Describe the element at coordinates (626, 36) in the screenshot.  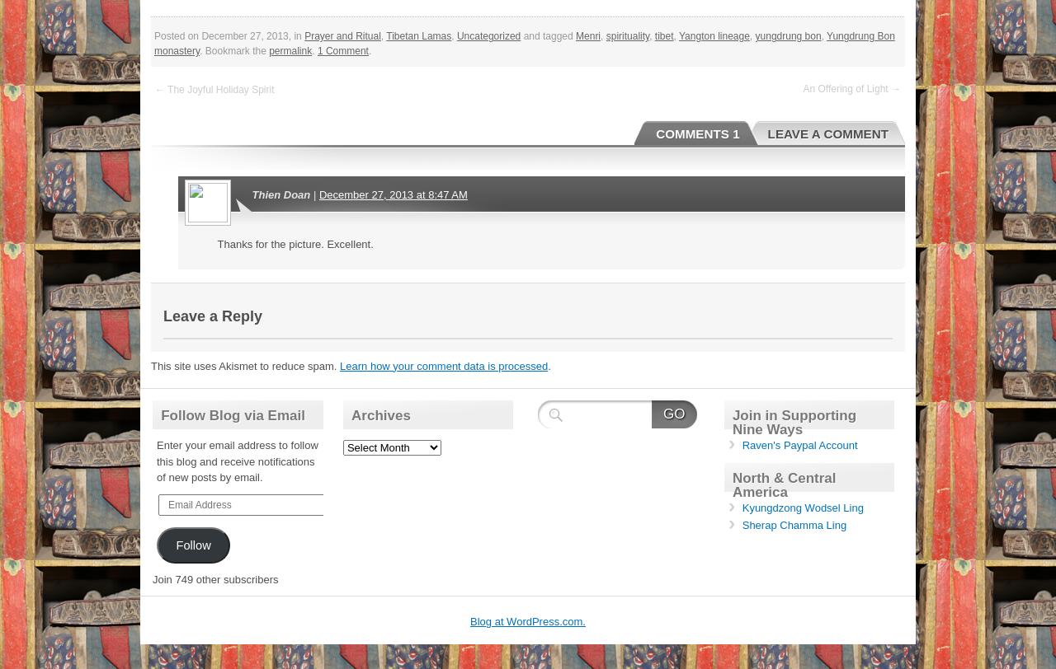
I see `'spirituality'` at that location.